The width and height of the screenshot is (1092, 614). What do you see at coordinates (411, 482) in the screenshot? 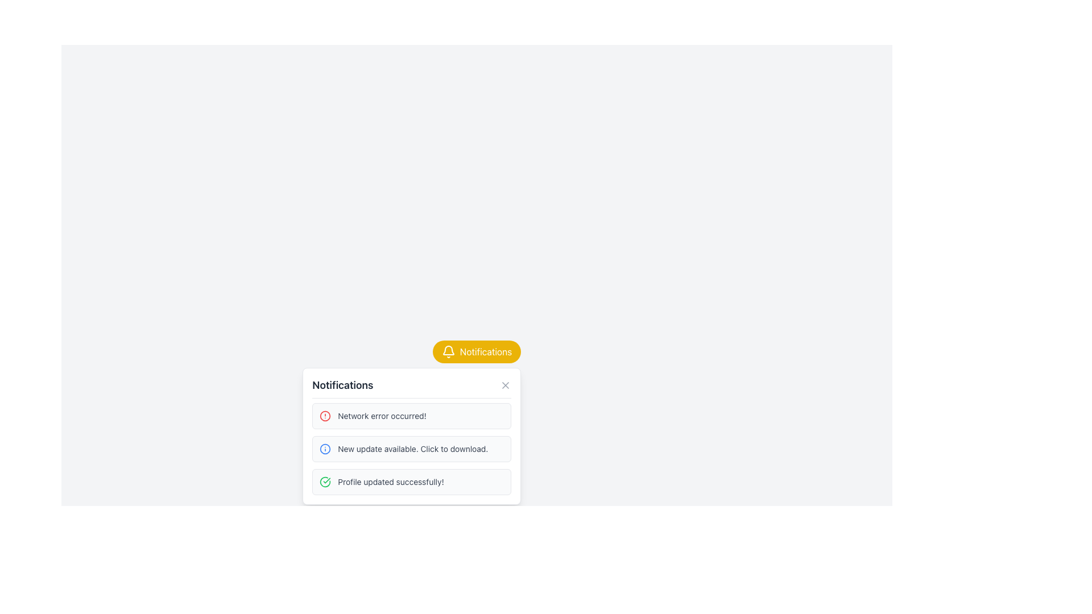
I see `the notification message item indicating successful profile updating, which has a light gray rounded rectangular background and contains the text 'Profile updated successfully!' with a green check icon, to interact with it if applicable` at bounding box center [411, 482].